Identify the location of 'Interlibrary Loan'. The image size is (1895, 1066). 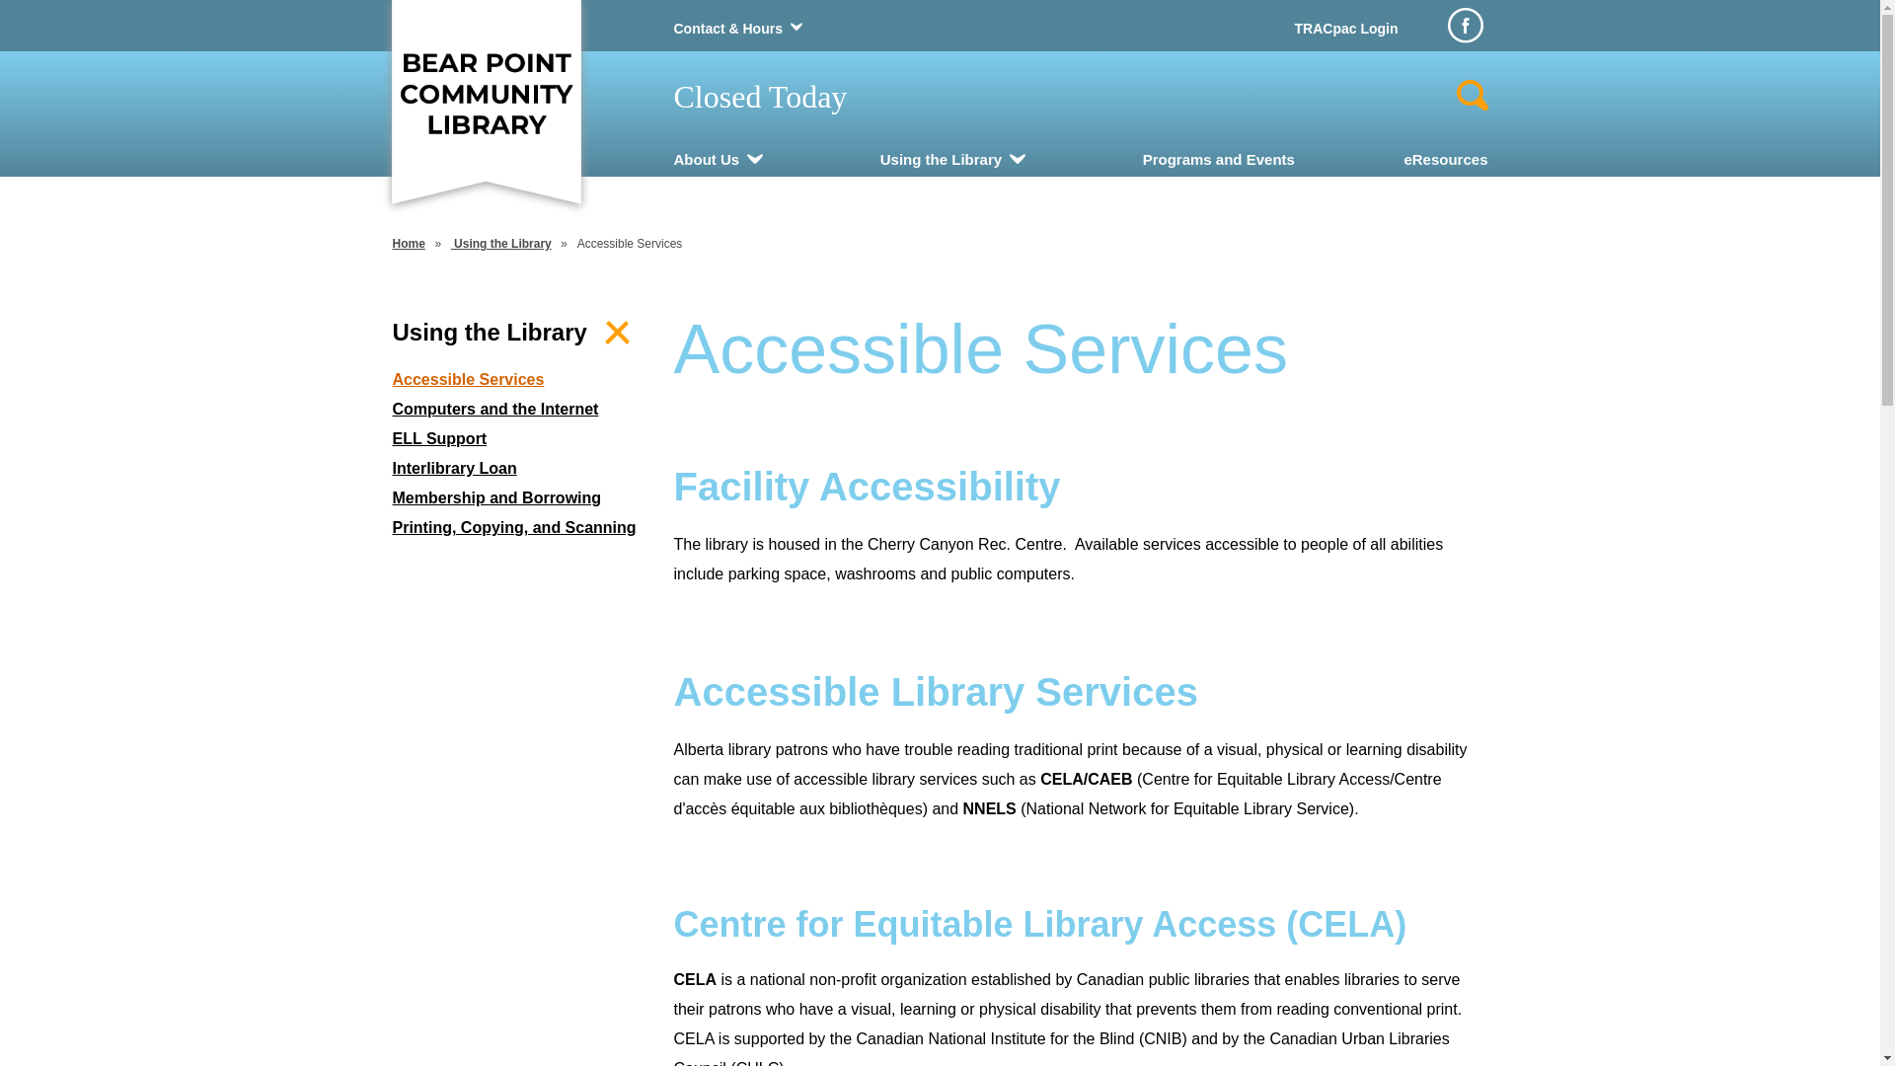
(393, 468).